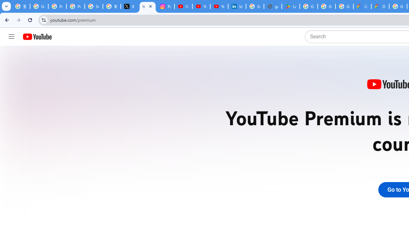  What do you see at coordinates (11, 37) in the screenshot?
I see `'Guide'` at bounding box center [11, 37].